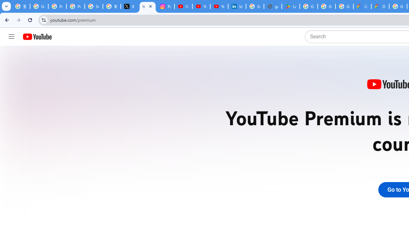  What do you see at coordinates (11, 37) in the screenshot?
I see `'Guide'` at bounding box center [11, 37].